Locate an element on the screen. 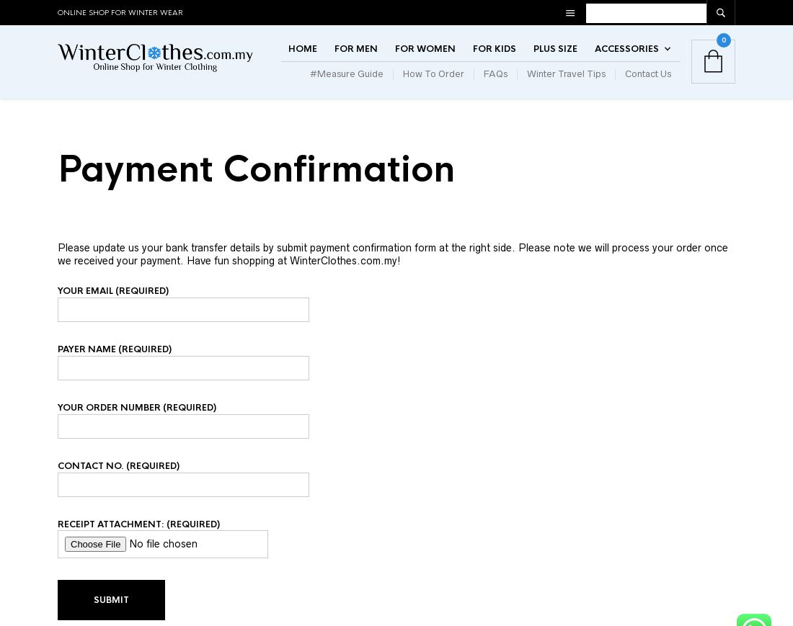 This screenshot has height=626, width=793. '0' is located at coordinates (722, 53).